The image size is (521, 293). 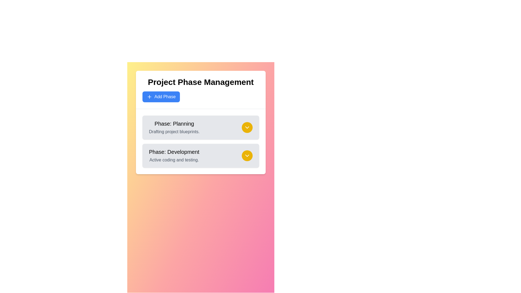 What do you see at coordinates (174, 132) in the screenshot?
I see `the static text element displaying 'Drafting project blueprints.' which is styled in gray and serves as a subtitle under 'Phase: Planning'` at bounding box center [174, 132].